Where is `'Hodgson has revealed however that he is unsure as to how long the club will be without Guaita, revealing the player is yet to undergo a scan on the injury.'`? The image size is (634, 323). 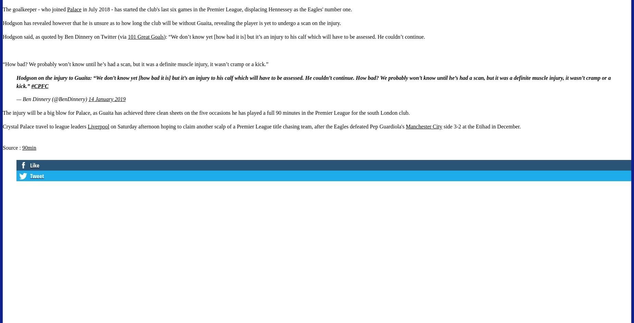 'Hodgson has revealed however that he is unsure as to how long the club will be without Guaita, revealing the player is yet to undergo a scan on the injury.' is located at coordinates (172, 23).